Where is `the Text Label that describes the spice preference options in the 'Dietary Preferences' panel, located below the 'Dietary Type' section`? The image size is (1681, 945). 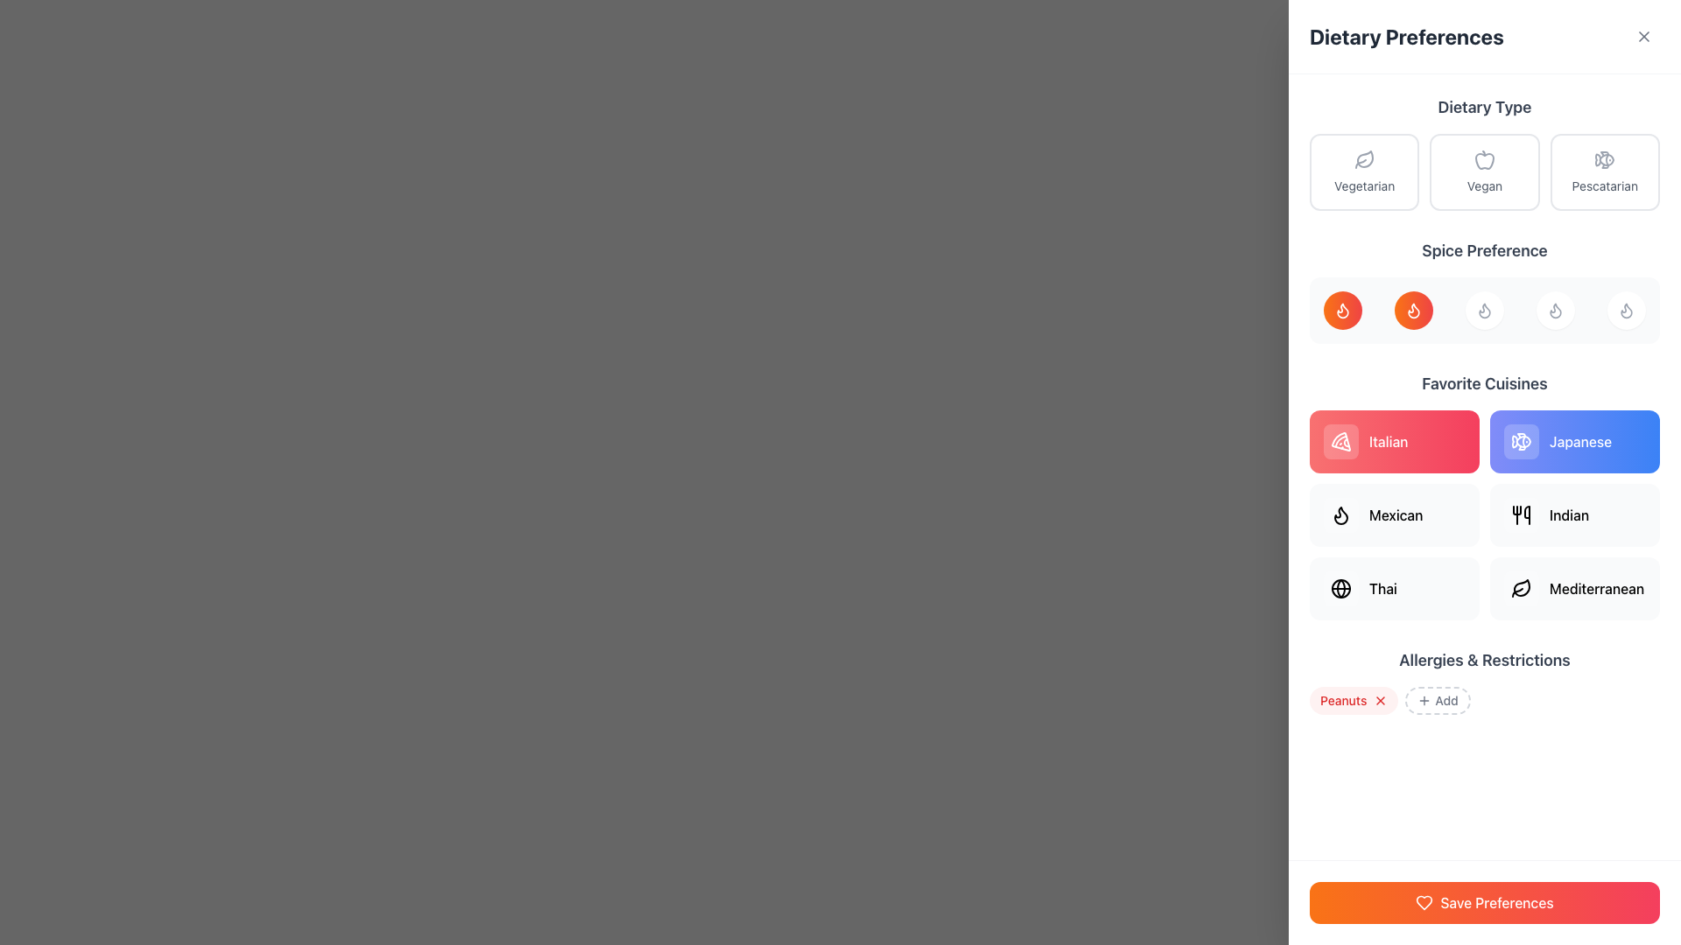
the Text Label that describes the spice preference options in the 'Dietary Preferences' panel, located below the 'Dietary Type' section is located at coordinates (1483, 250).